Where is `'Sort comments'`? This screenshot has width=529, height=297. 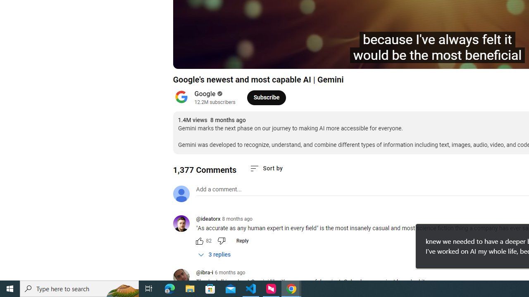 'Sort comments' is located at coordinates (266, 168).